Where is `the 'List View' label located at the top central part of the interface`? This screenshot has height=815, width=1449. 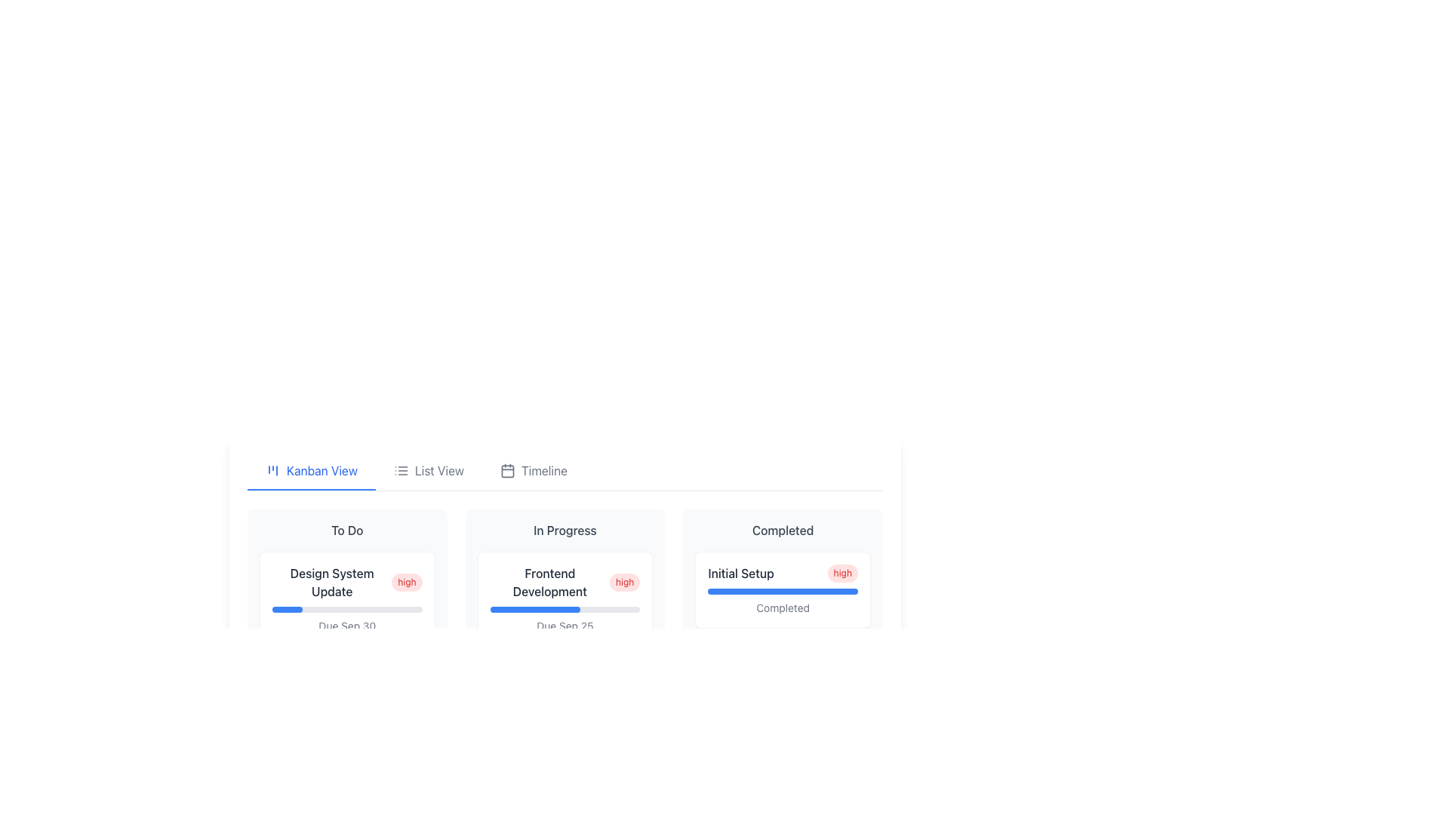
the 'List View' label located at the top central part of the interface is located at coordinates (438, 470).